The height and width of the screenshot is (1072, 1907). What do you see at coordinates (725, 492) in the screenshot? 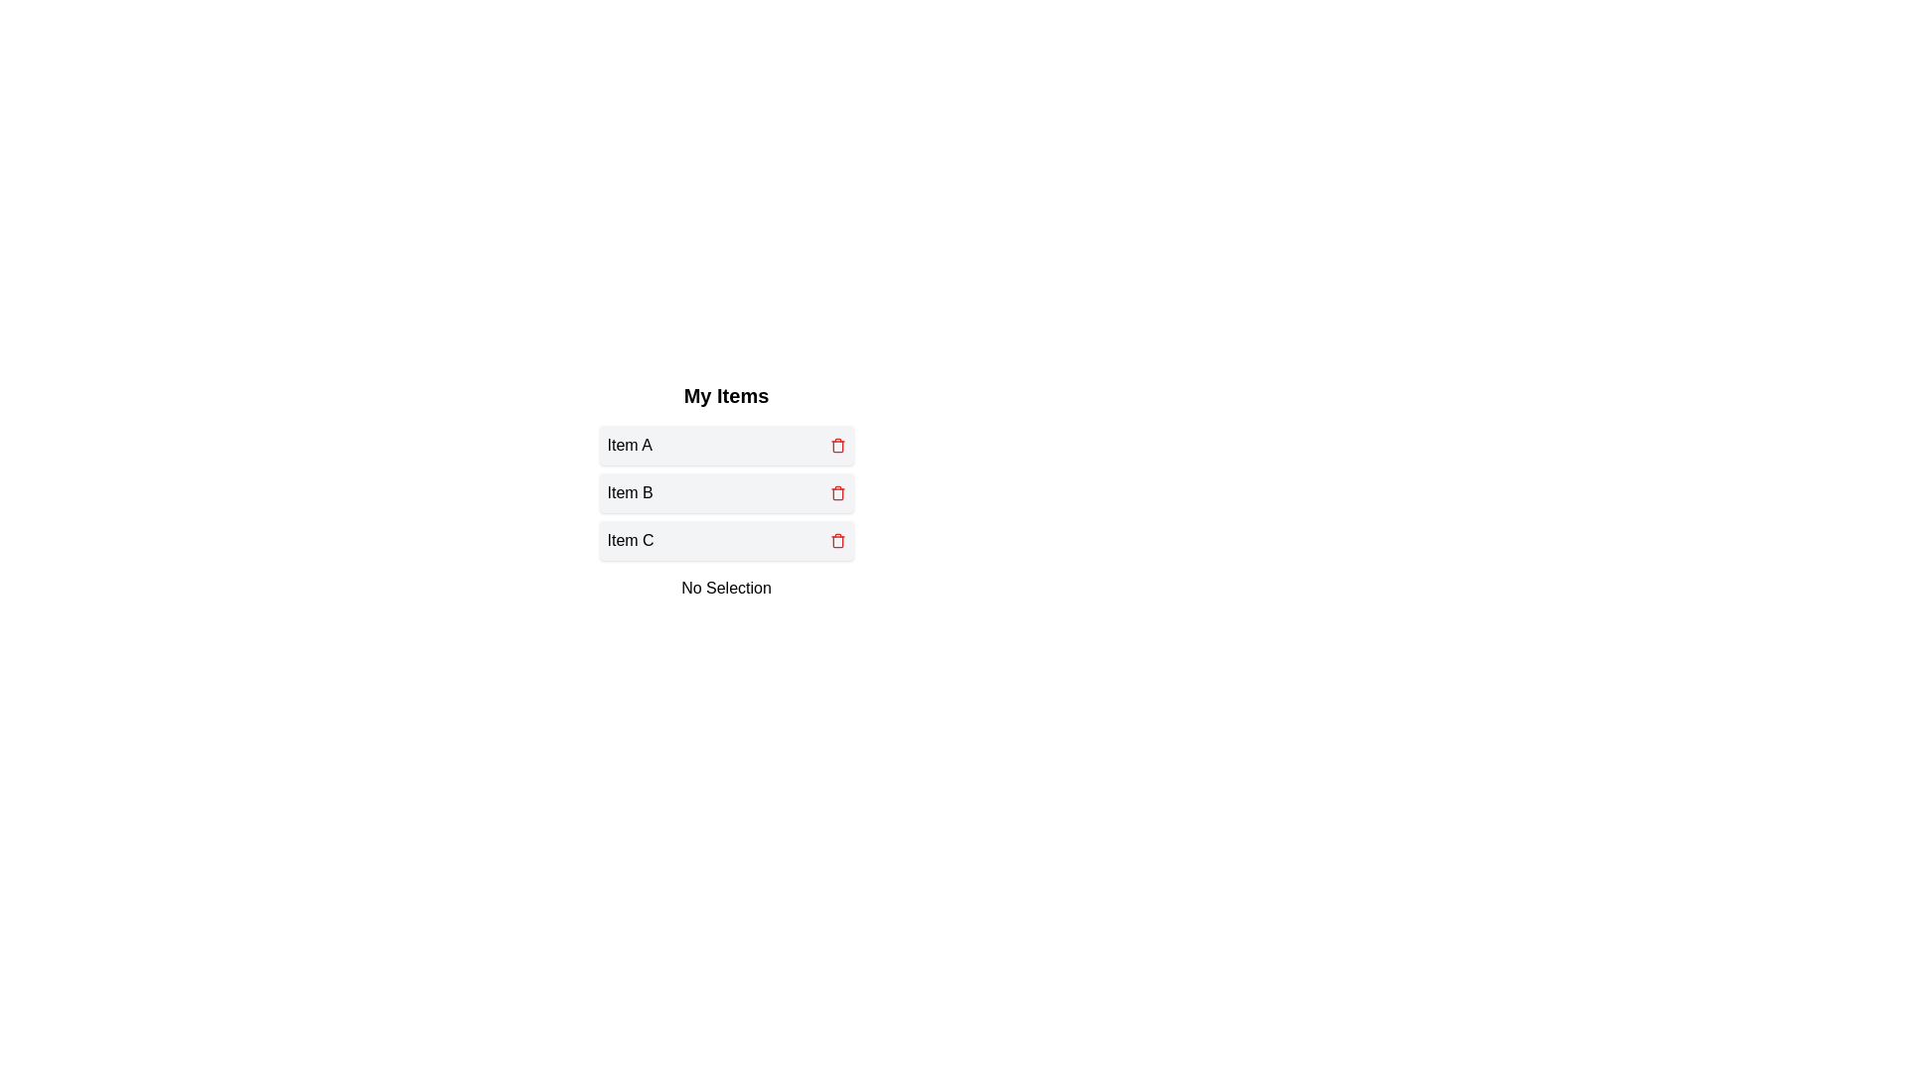
I see `the item Item B to select it` at bounding box center [725, 492].